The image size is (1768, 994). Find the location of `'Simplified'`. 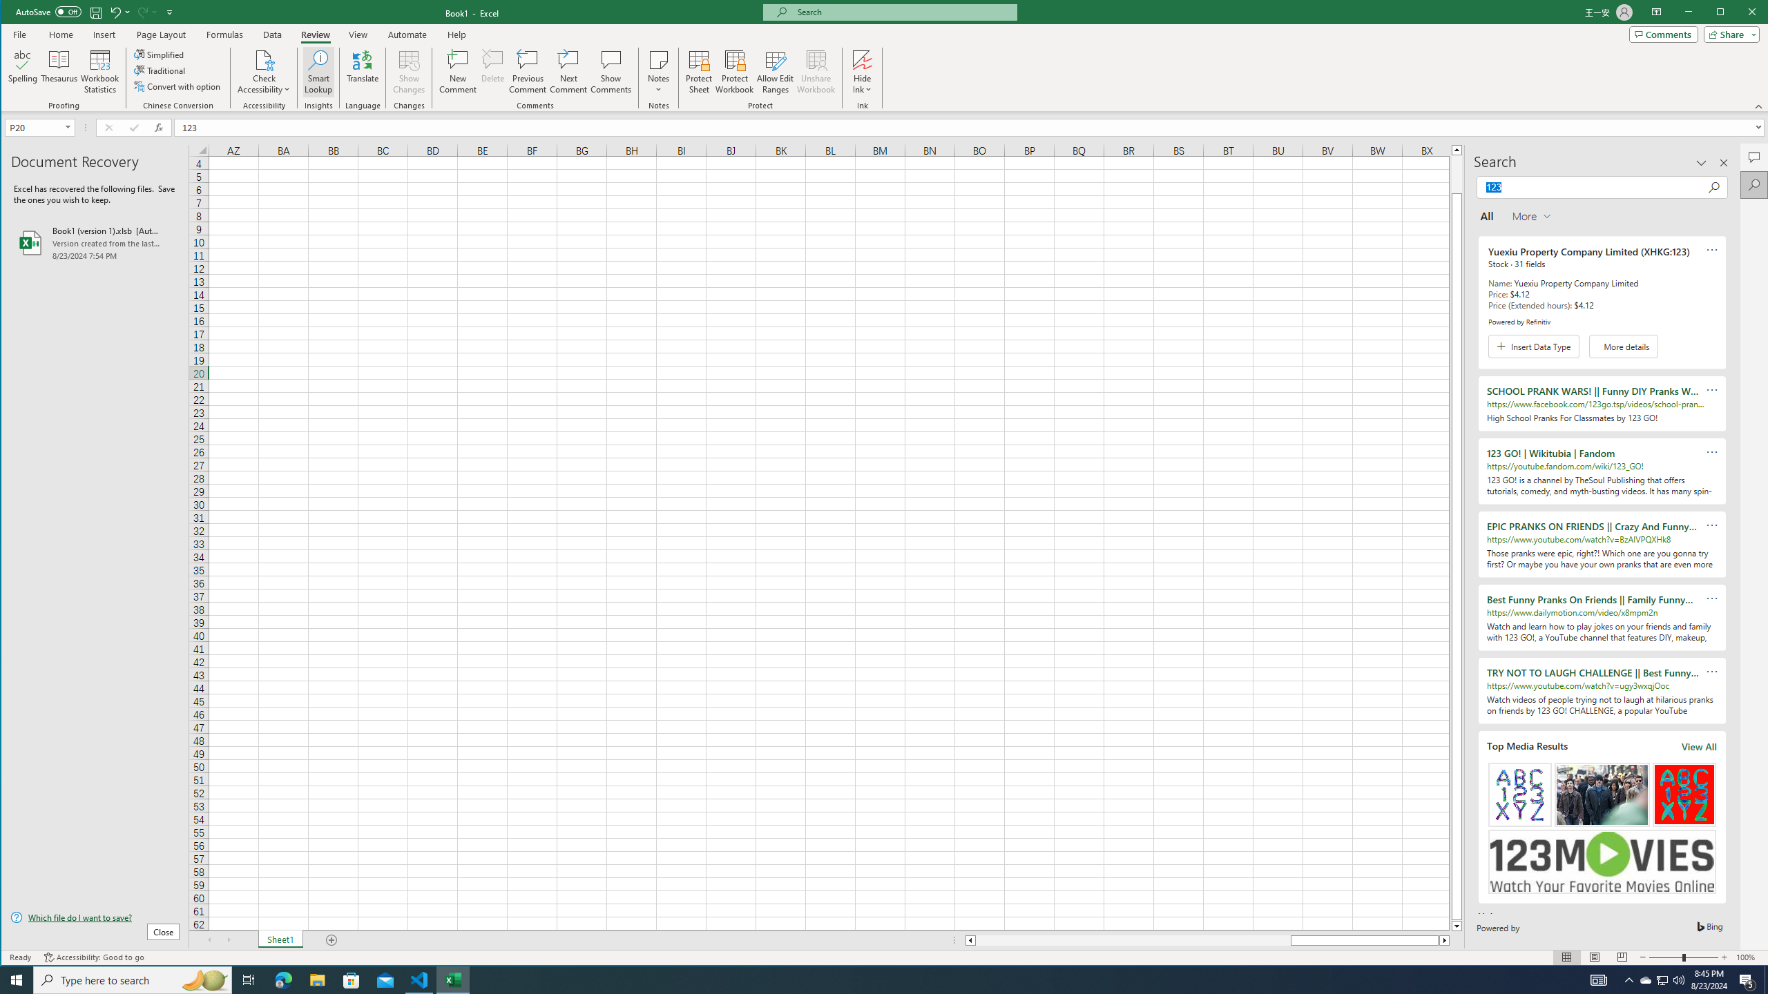

'Simplified' is located at coordinates (160, 54).